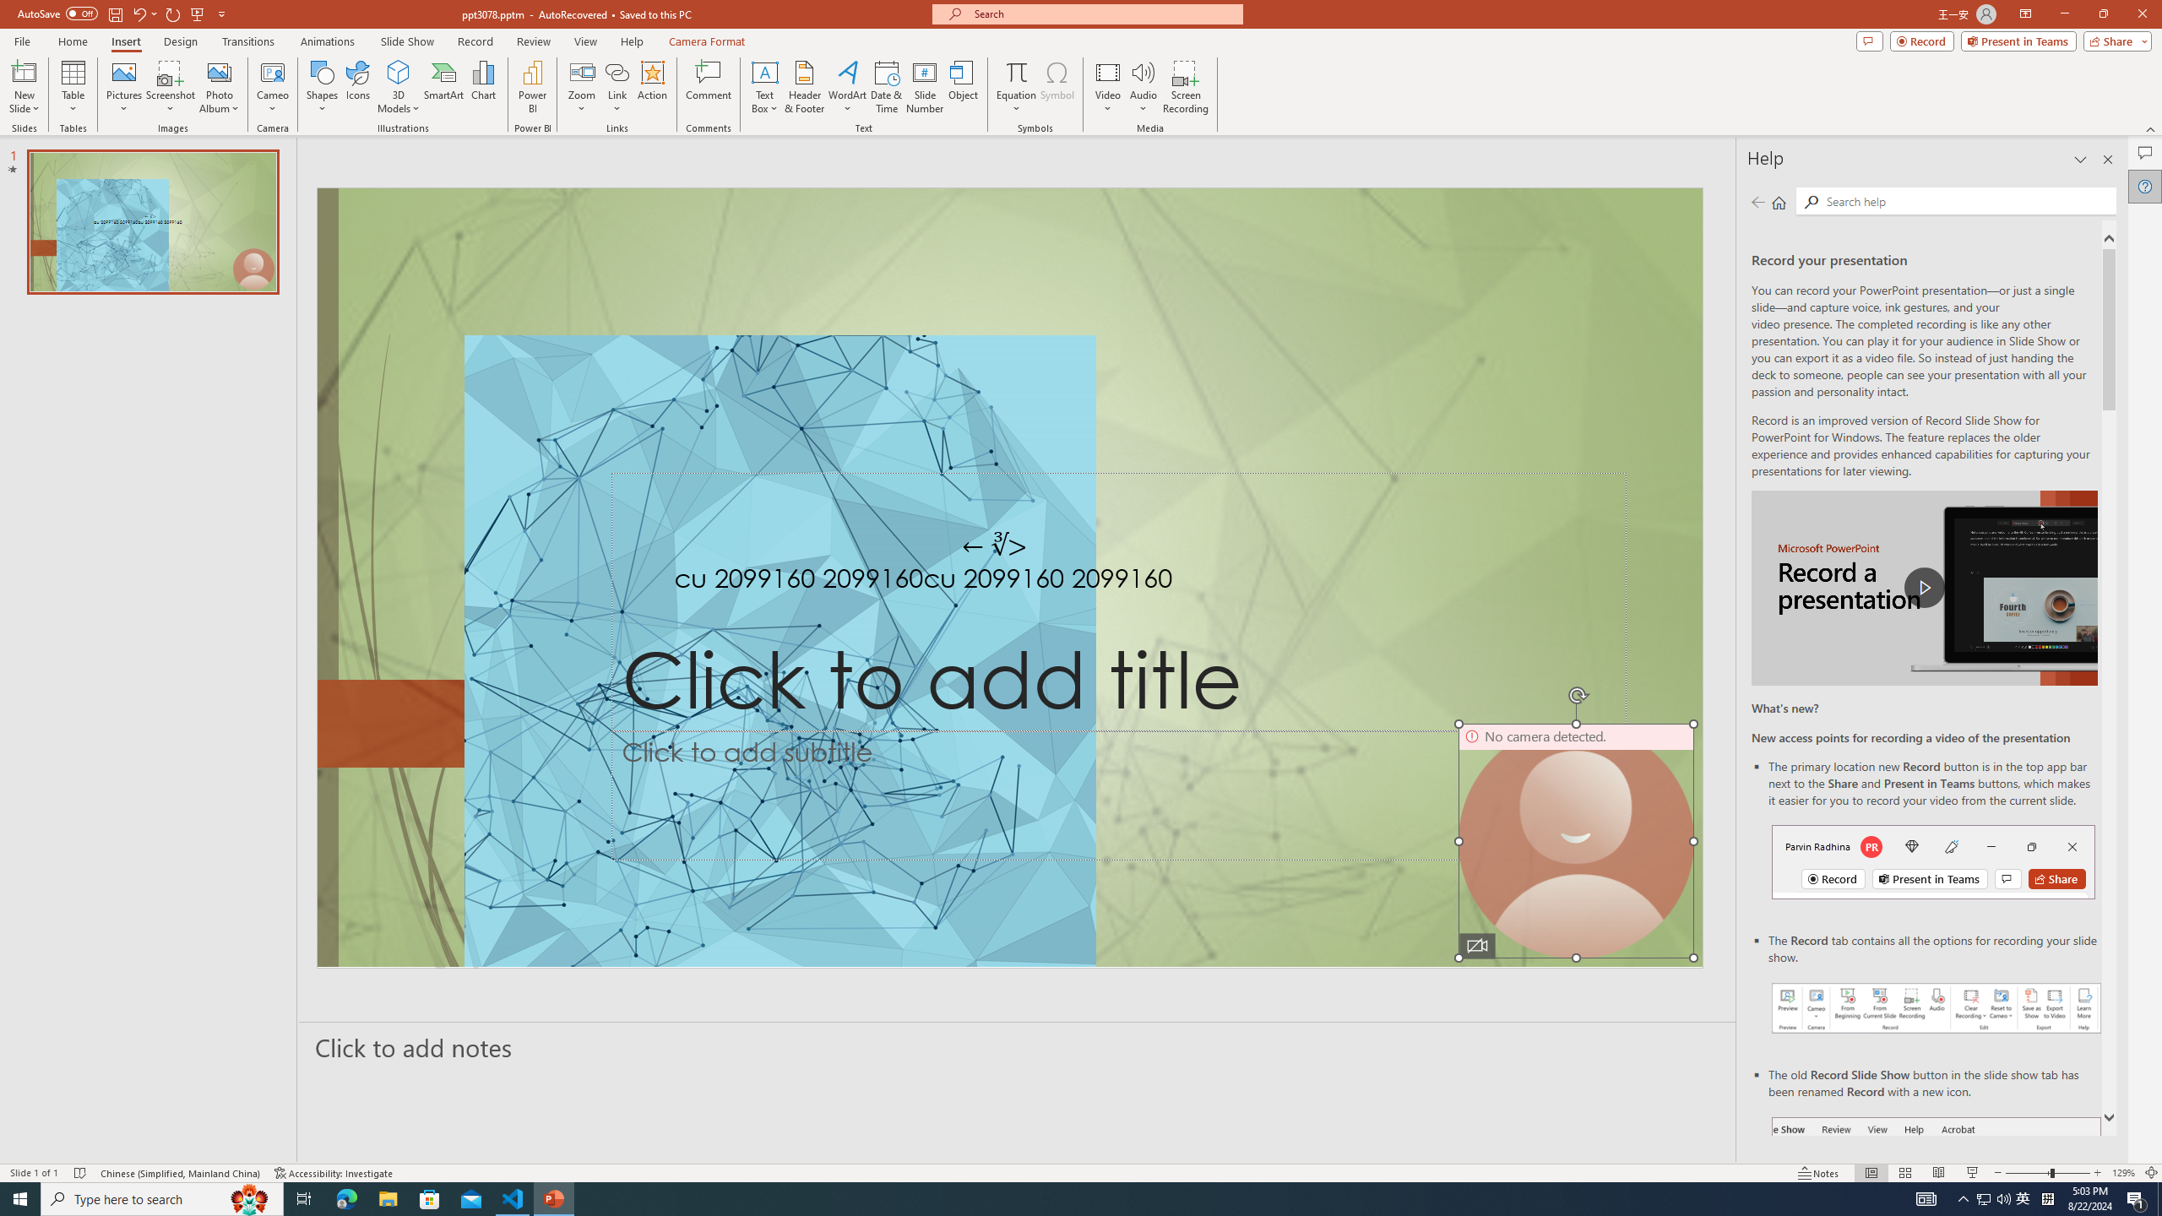 The width and height of the screenshot is (2162, 1216). What do you see at coordinates (1143, 87) in the screenshot?
I see `'Audio'` at bounding box center [1143, 87].